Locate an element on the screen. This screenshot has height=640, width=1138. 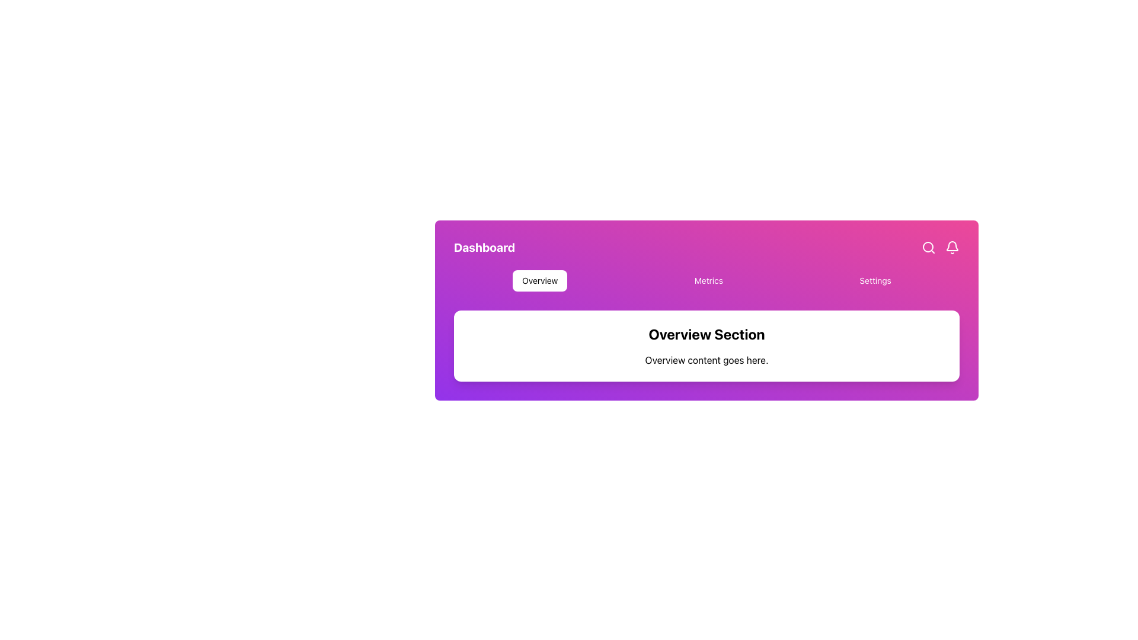
the 'Metrics' option in the Navigation Menu, which is horizontally aligned below the 'Dashboard' title and above the 'Overview Section' is located at coordinates (707, 281).